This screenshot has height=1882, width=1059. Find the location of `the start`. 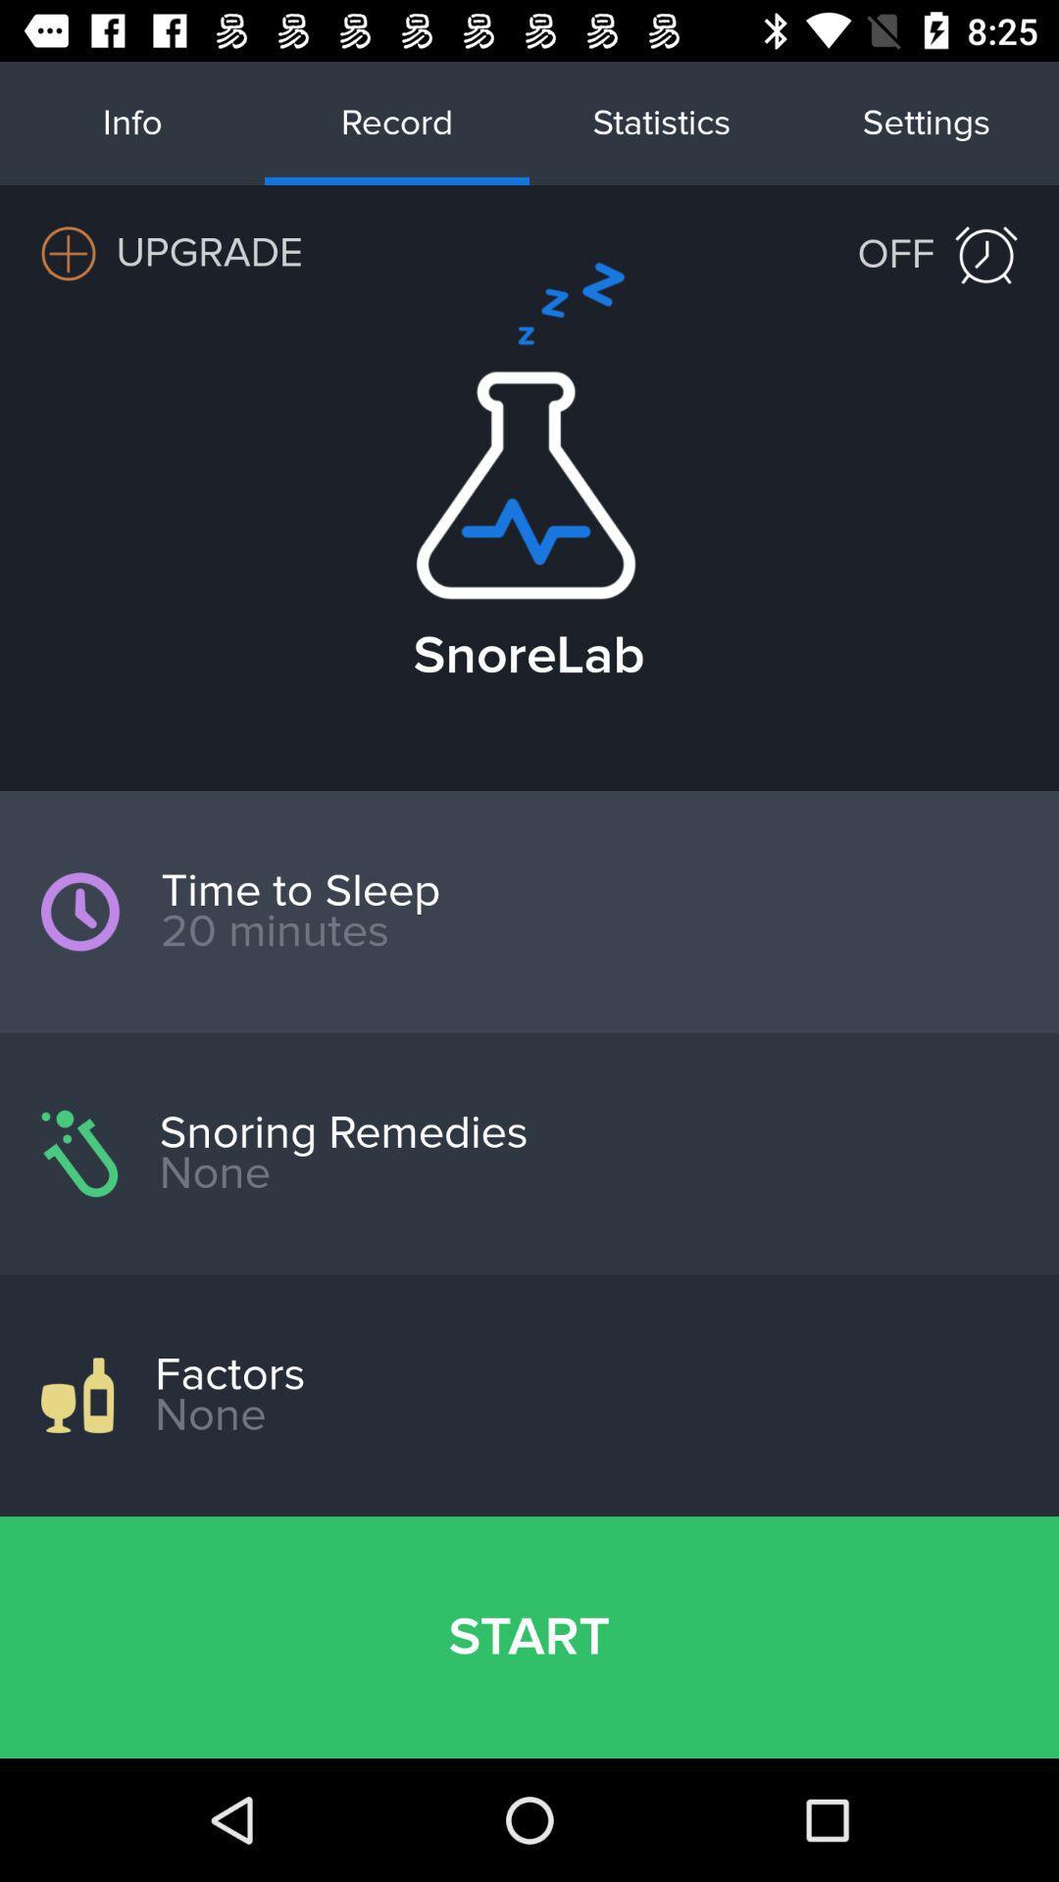

the start is located at coordinates (529, 1637).